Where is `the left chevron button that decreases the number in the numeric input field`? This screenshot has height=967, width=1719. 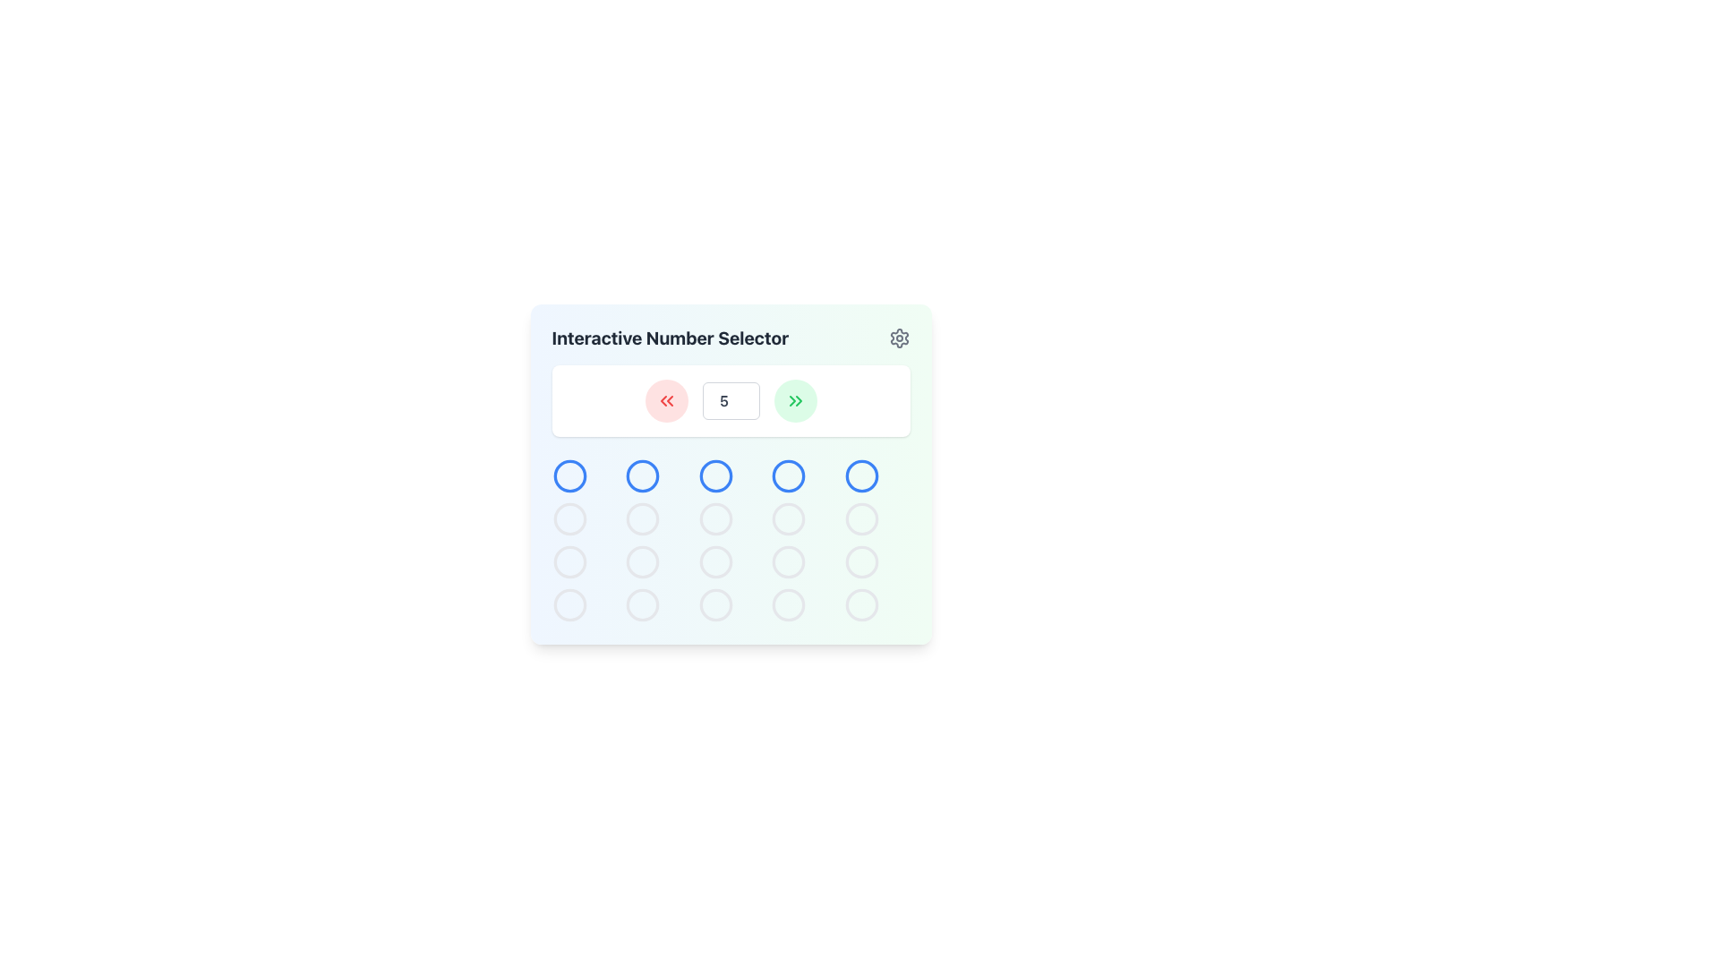
the left chevron button that decreases the number in the numeric input field is located at coordinates (662, 399).